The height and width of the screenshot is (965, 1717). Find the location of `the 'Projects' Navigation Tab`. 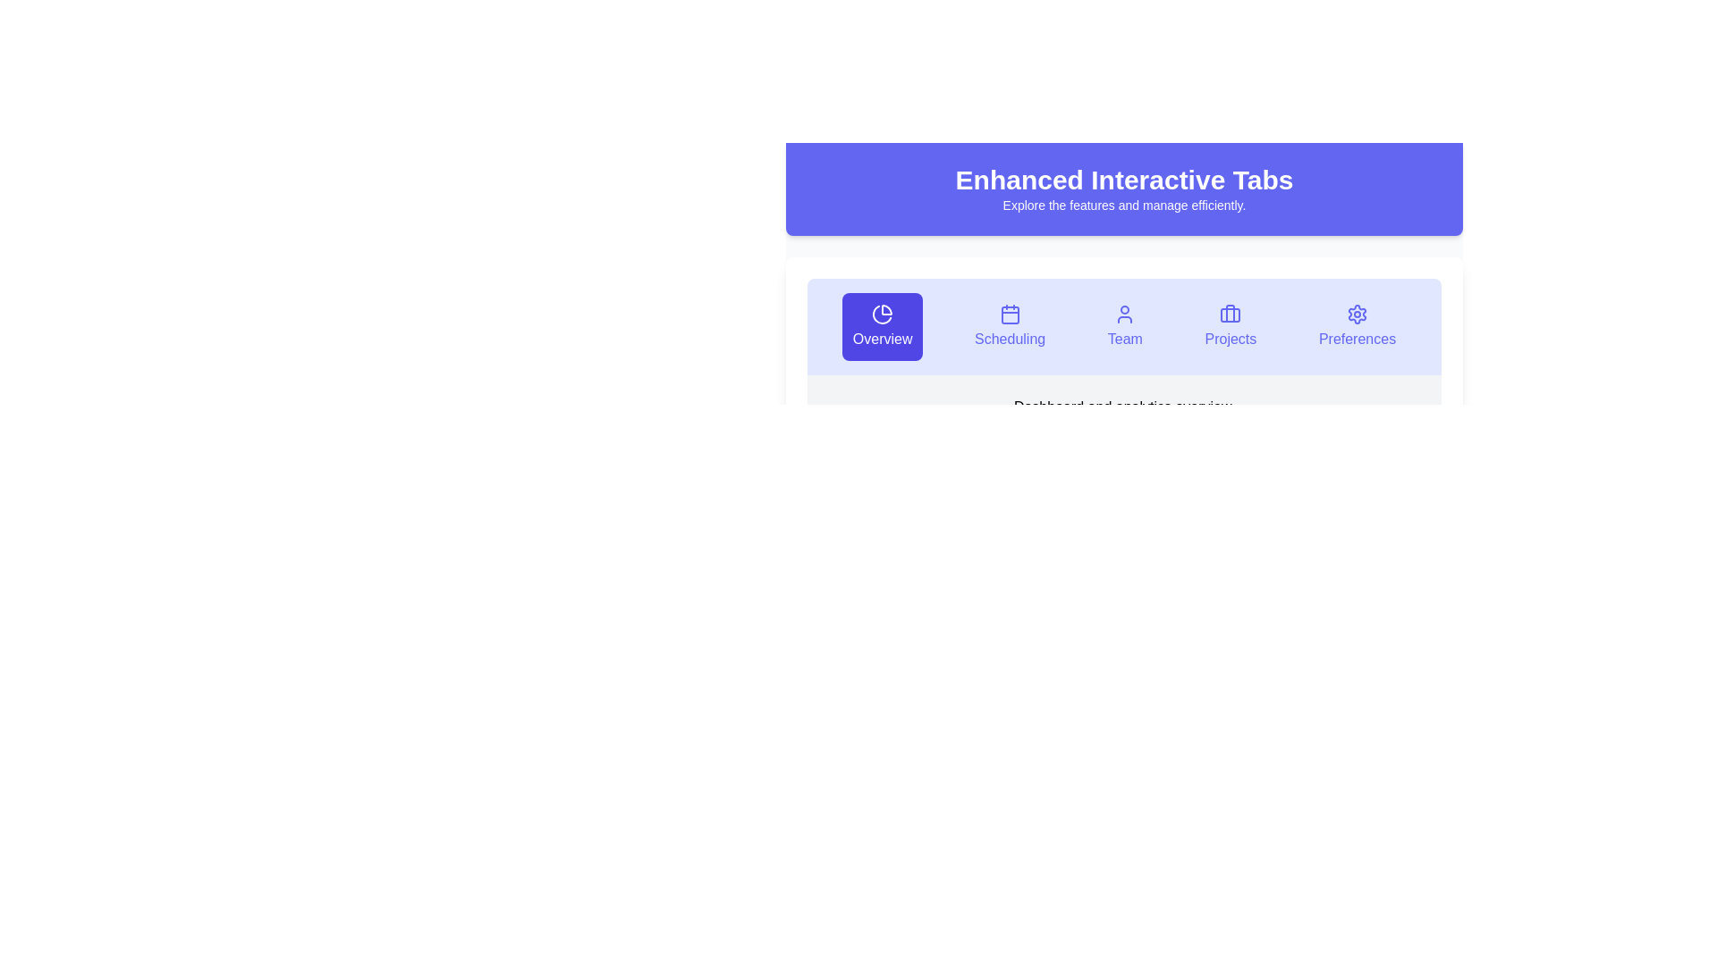

the 'Projects' Navigation Tab is located at coordinates (1230, 327).